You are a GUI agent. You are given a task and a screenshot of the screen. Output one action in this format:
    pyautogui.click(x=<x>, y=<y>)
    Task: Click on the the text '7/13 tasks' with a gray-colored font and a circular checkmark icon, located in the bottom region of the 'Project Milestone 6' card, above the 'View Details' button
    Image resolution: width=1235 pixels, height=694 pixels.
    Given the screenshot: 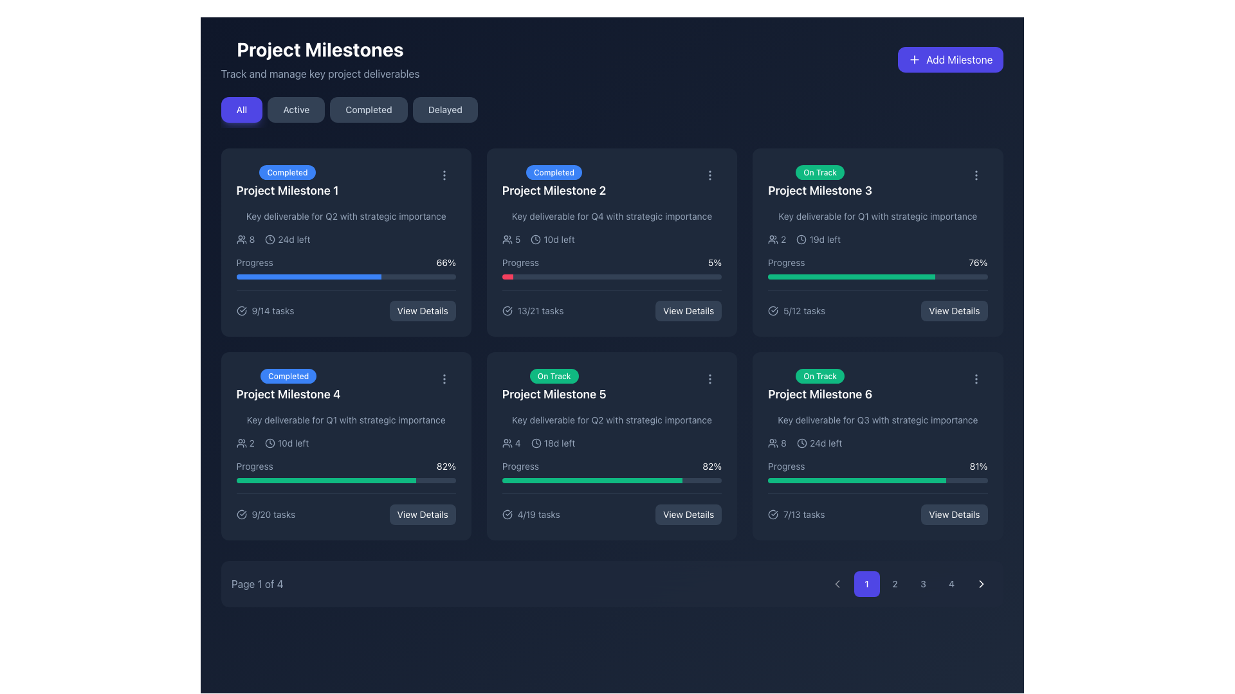 What is the action you would take?
    pyautogui.click(x=796, y=514)
    